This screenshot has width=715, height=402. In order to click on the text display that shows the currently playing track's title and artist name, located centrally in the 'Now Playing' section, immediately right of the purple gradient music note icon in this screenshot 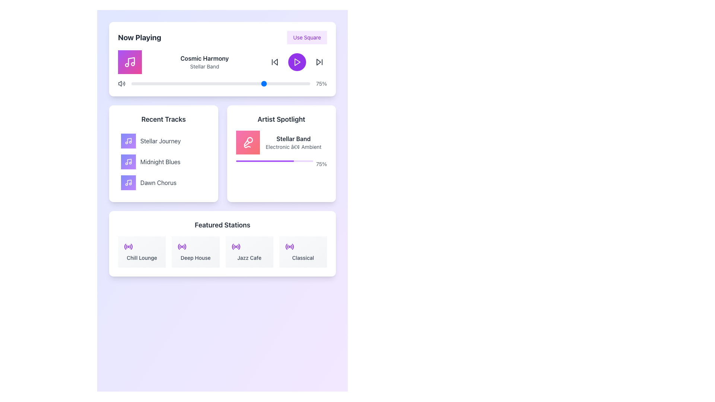, I will do `click(204, 61)`.